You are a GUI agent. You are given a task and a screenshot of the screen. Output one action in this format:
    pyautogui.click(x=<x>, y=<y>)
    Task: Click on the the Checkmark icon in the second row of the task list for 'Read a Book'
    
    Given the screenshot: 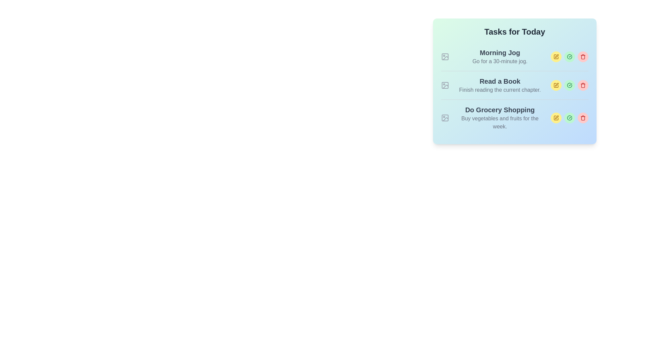 What is the action you would take?
    pyautogui.click(x=569, y=85)
    